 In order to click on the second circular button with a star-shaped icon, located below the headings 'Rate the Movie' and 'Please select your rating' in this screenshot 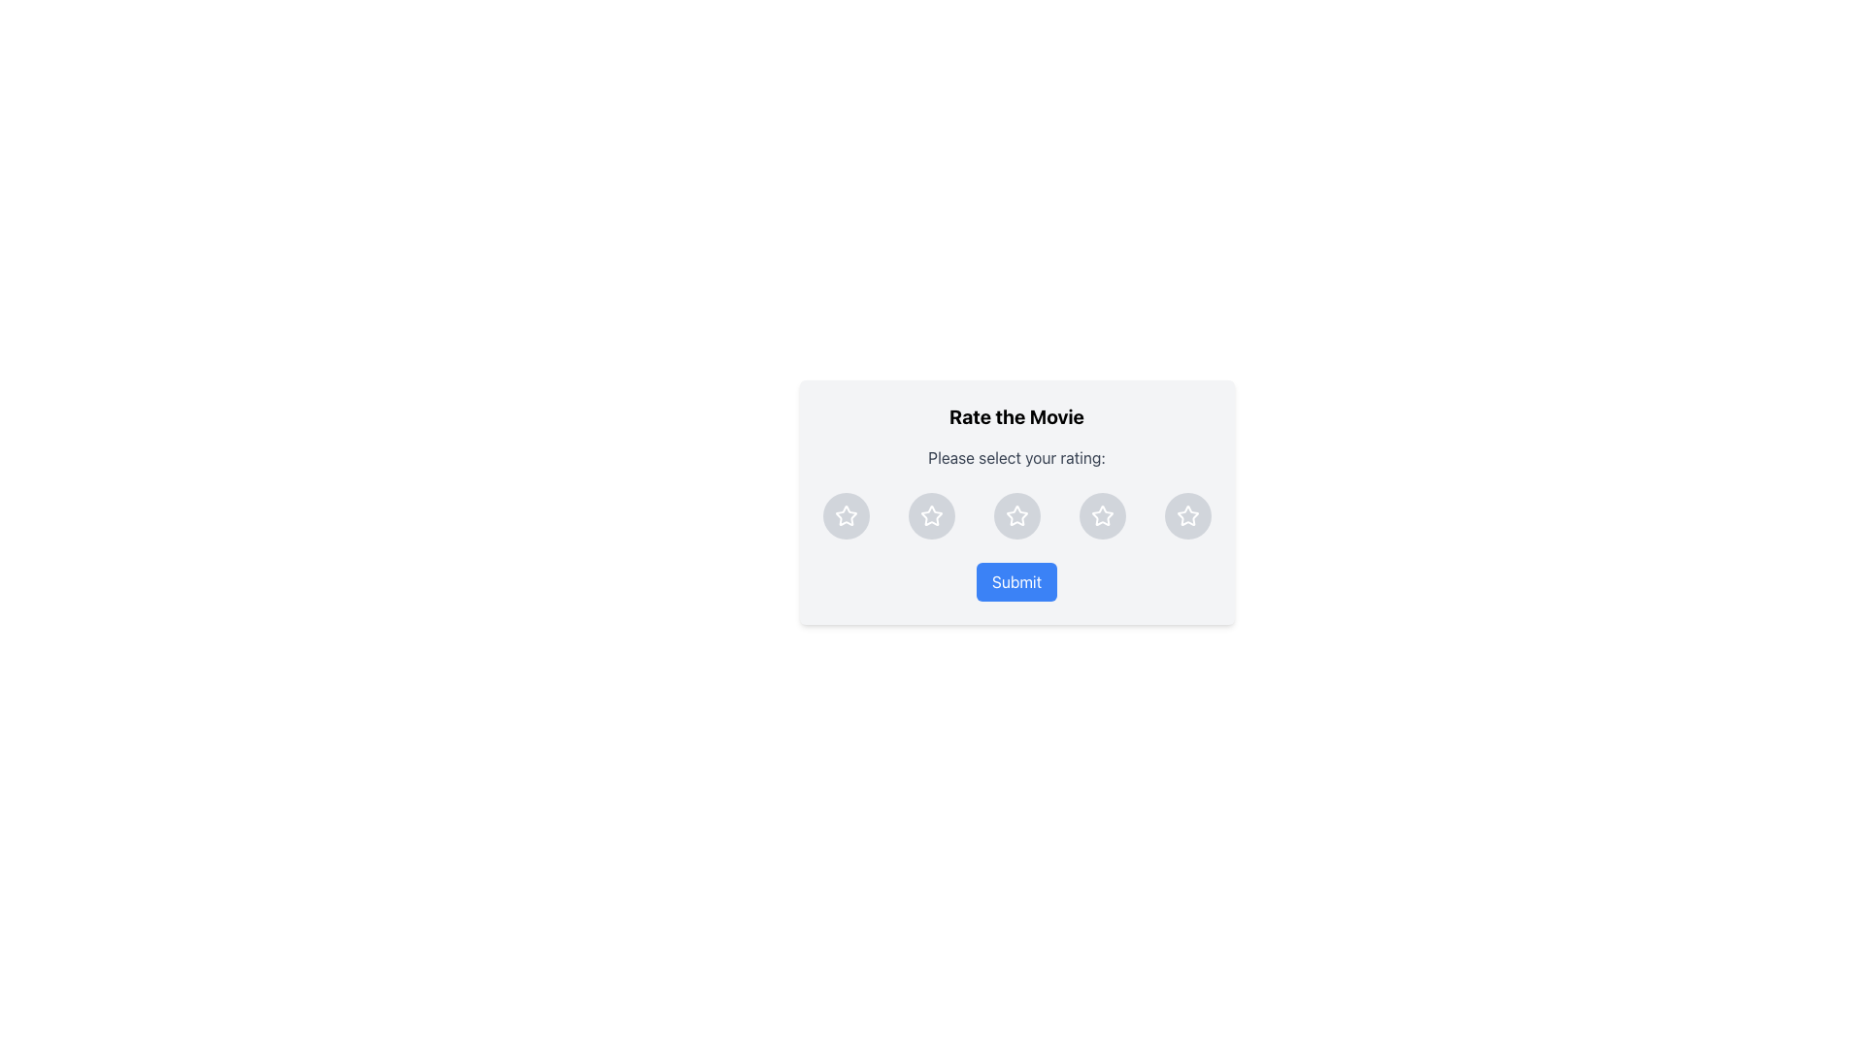, I will do `click(930, 515)`.